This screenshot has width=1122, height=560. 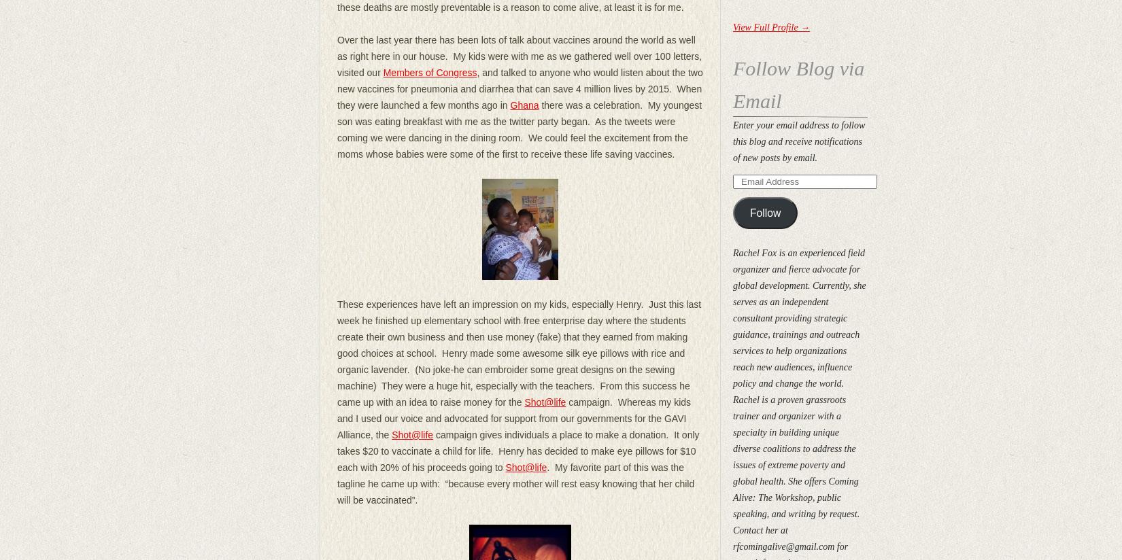 I want to click on 'Follow', so click(x=749, y=212).